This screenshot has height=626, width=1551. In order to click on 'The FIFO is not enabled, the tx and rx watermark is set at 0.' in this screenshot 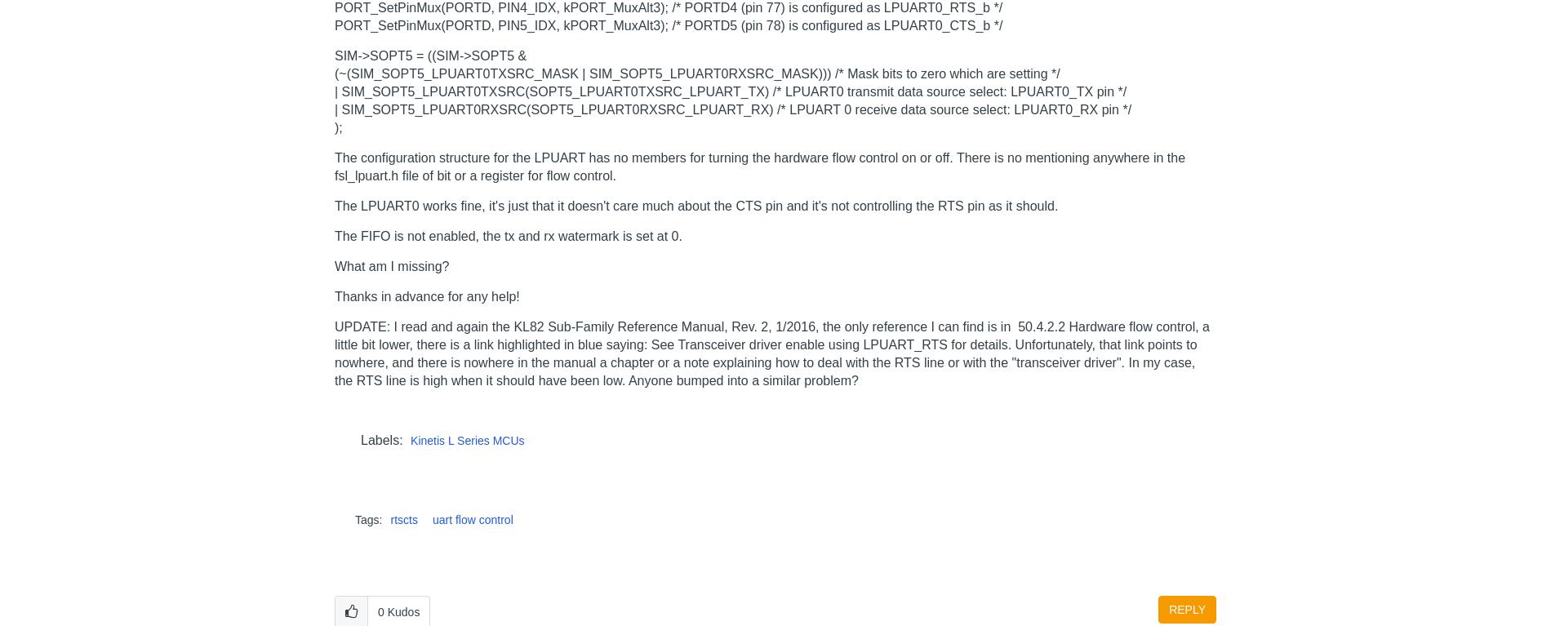, I will do `click(508, 234)`.